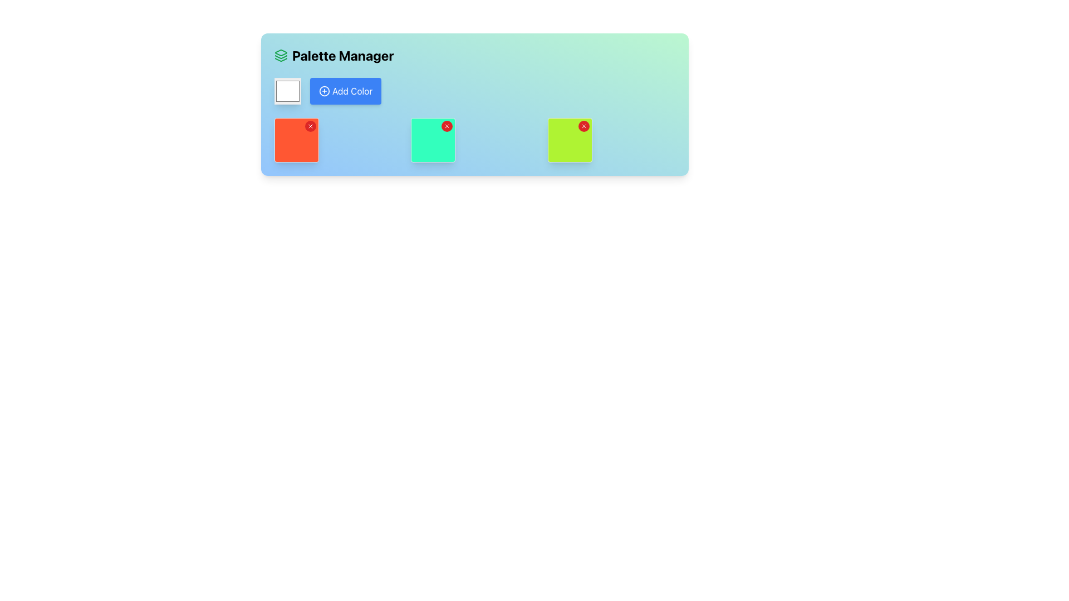  Describe the element at coordinates (345, 91) in the screenshot. I see `the button that allows users` at that location.